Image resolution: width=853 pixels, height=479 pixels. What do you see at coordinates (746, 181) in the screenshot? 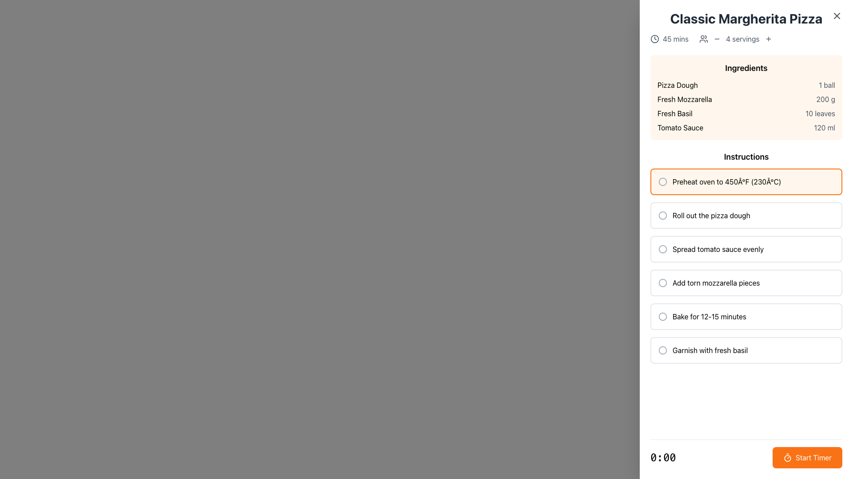
I see `the gray radio button to mark the step 'Preheat oven to 450°F (230°C)' as completed in the Instructions section` at bounding box center [746, 181].